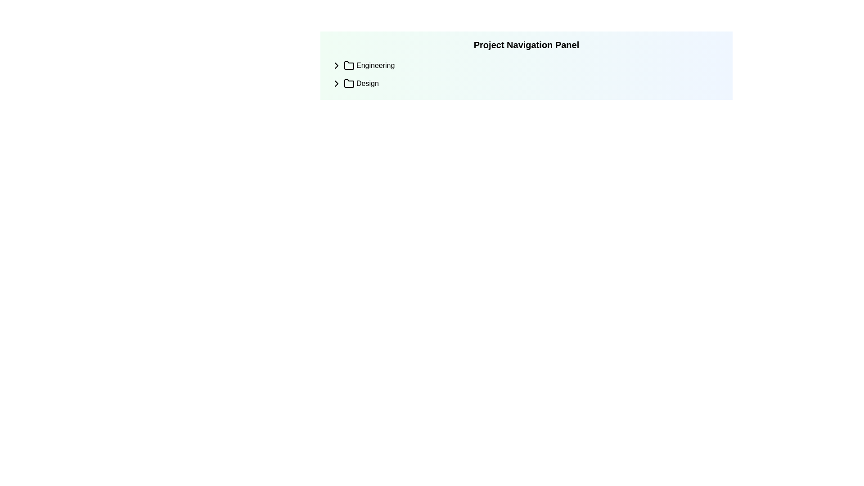 Image resolution: width=864 pixels, height=486 pixels. Describe the element at coordinates (336, 83) in the screenshot. I see `the expandable or collapsible subsection icon located to the left of the text 'Design' in the navigation panel` at that location.